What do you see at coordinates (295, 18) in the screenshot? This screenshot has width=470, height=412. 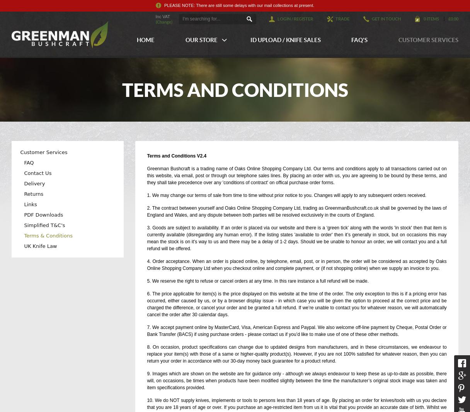 I see `'Login / Register'` at bounding box center [295, 18].